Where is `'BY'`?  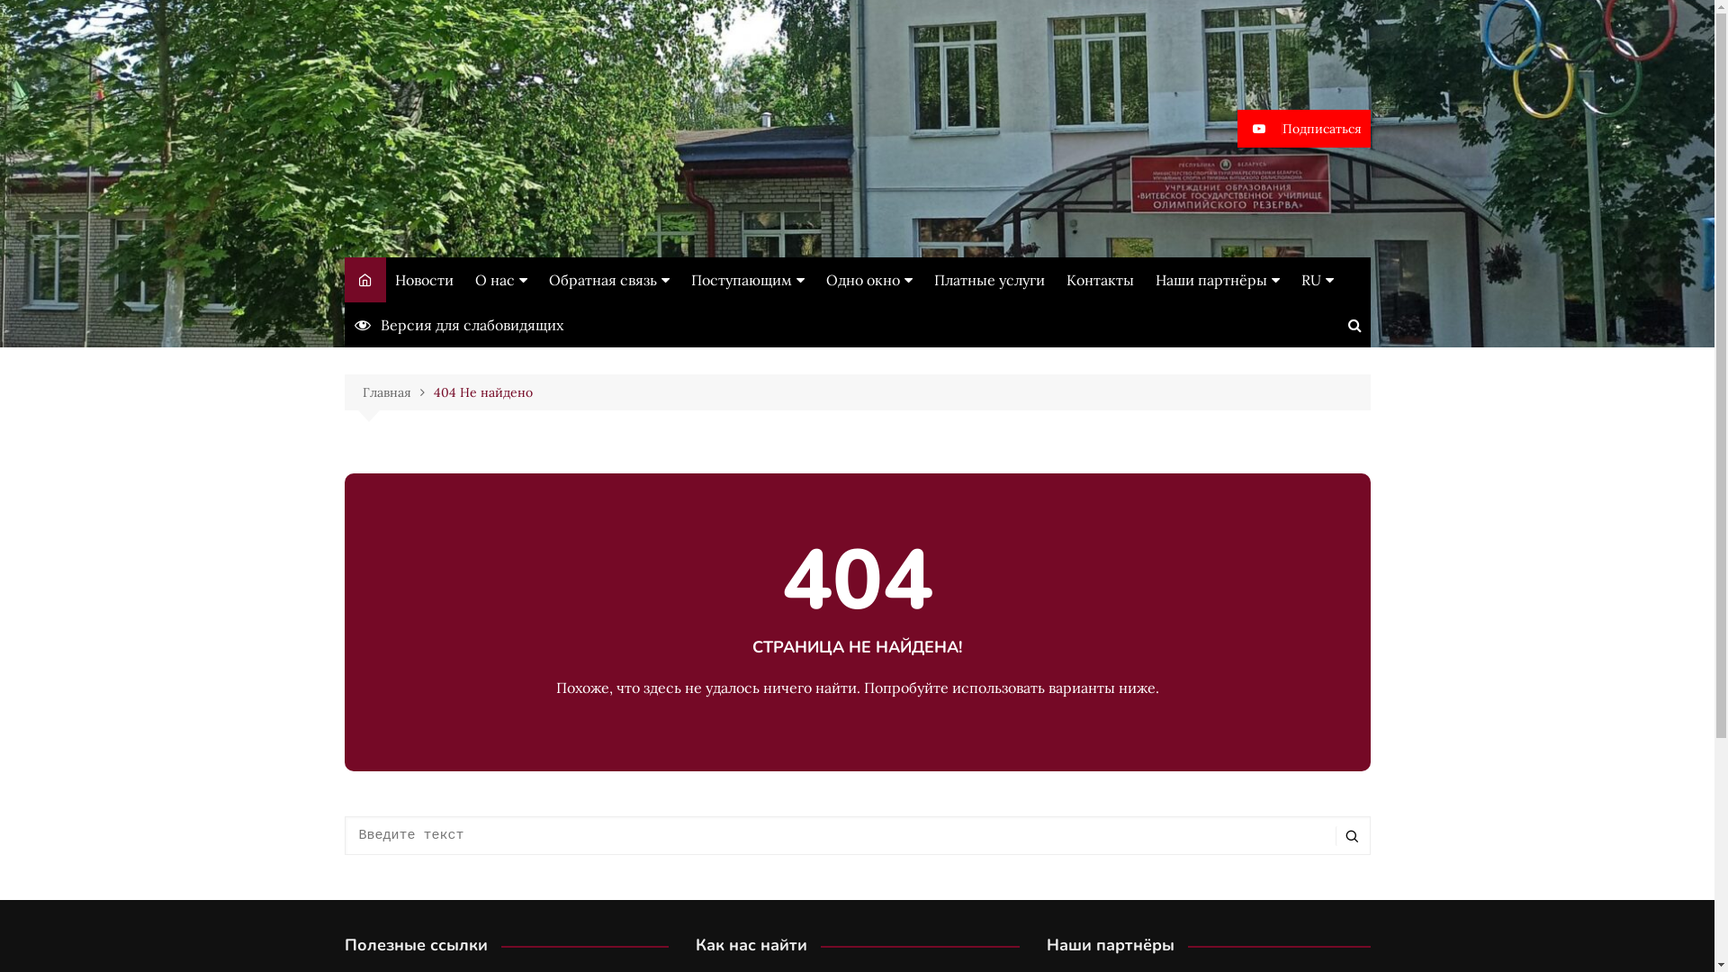
'BY' is located at coordinates (1390, 349).